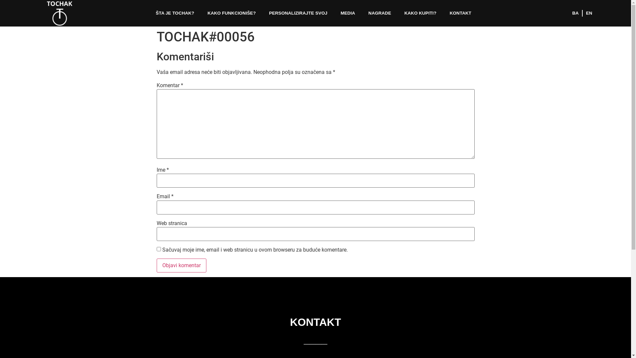 The height and width of the screenshot is (358, 636). I want to click on 'BA', so click(575, 13).